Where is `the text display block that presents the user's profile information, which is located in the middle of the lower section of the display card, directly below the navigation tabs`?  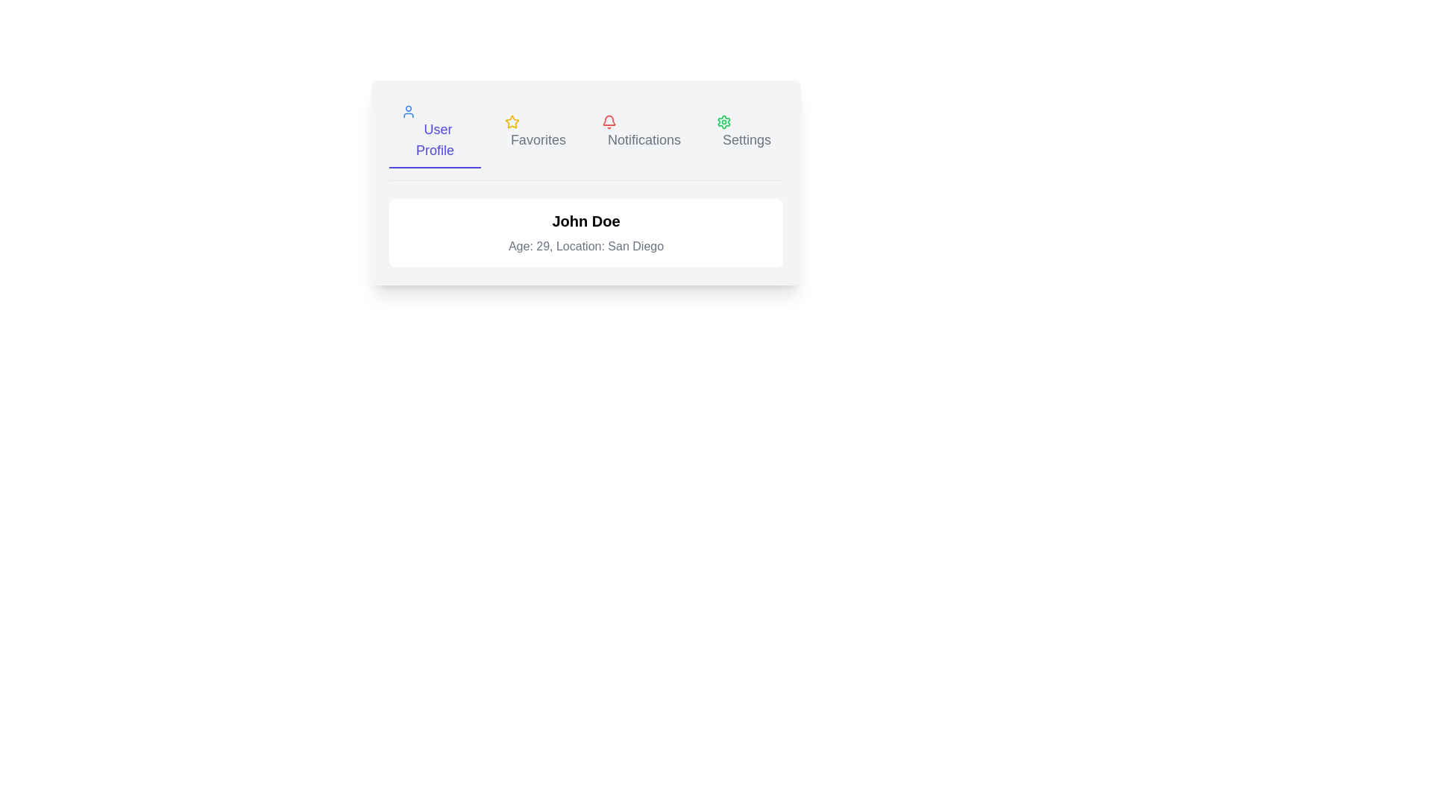 the text display block that presents the user's profile information, which is located in the middle of the lower section of the display card, directly below the navigation tabs is located at coordinates (585, 233).